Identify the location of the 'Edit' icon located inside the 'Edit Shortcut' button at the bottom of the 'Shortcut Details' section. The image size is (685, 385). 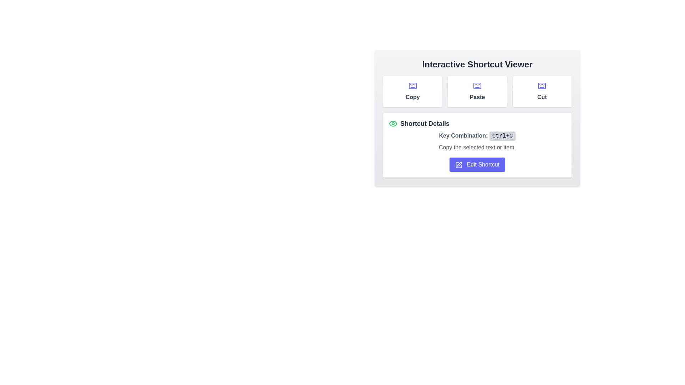
(459, 165).